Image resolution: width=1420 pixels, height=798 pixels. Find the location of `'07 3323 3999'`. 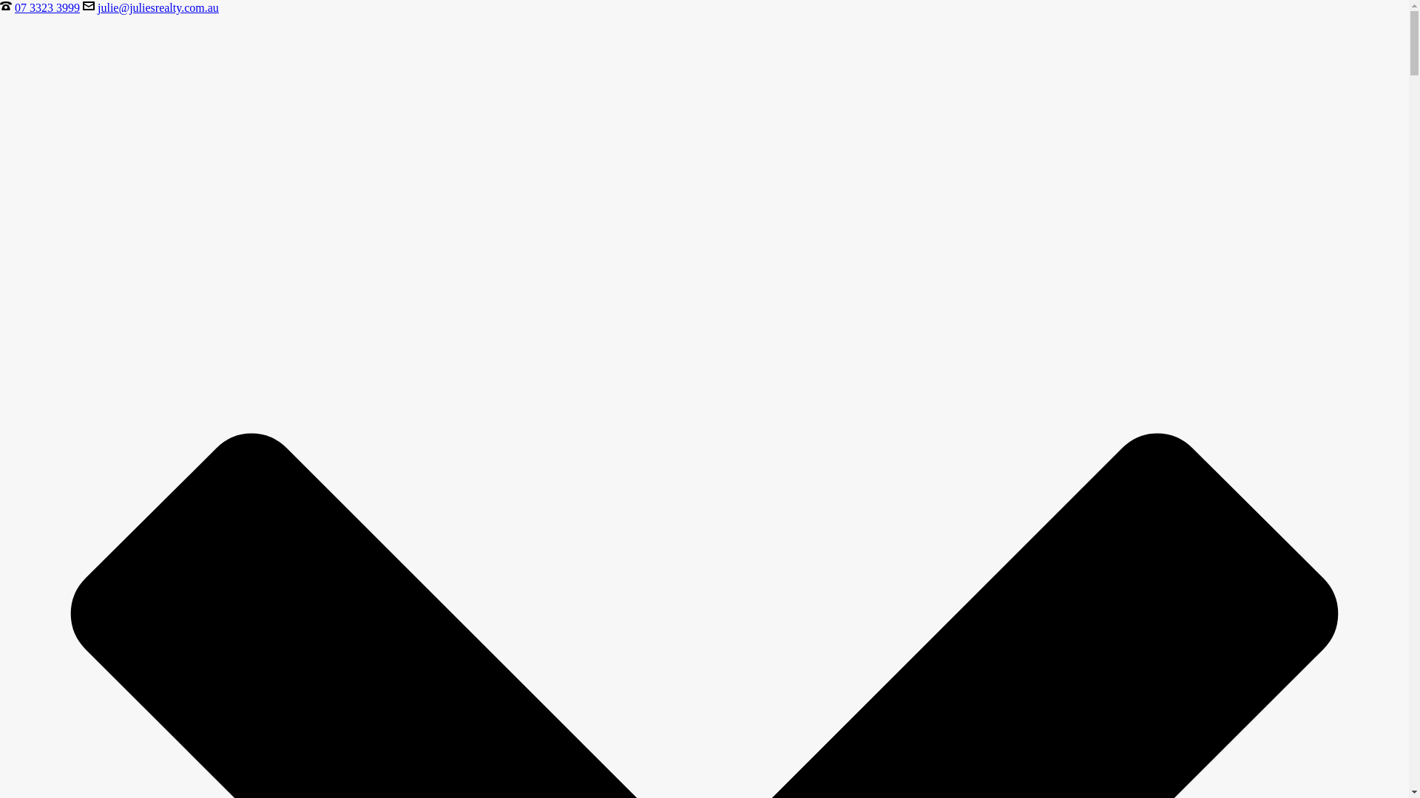

'07 3323 3999' is located at coordinates (47, 7).